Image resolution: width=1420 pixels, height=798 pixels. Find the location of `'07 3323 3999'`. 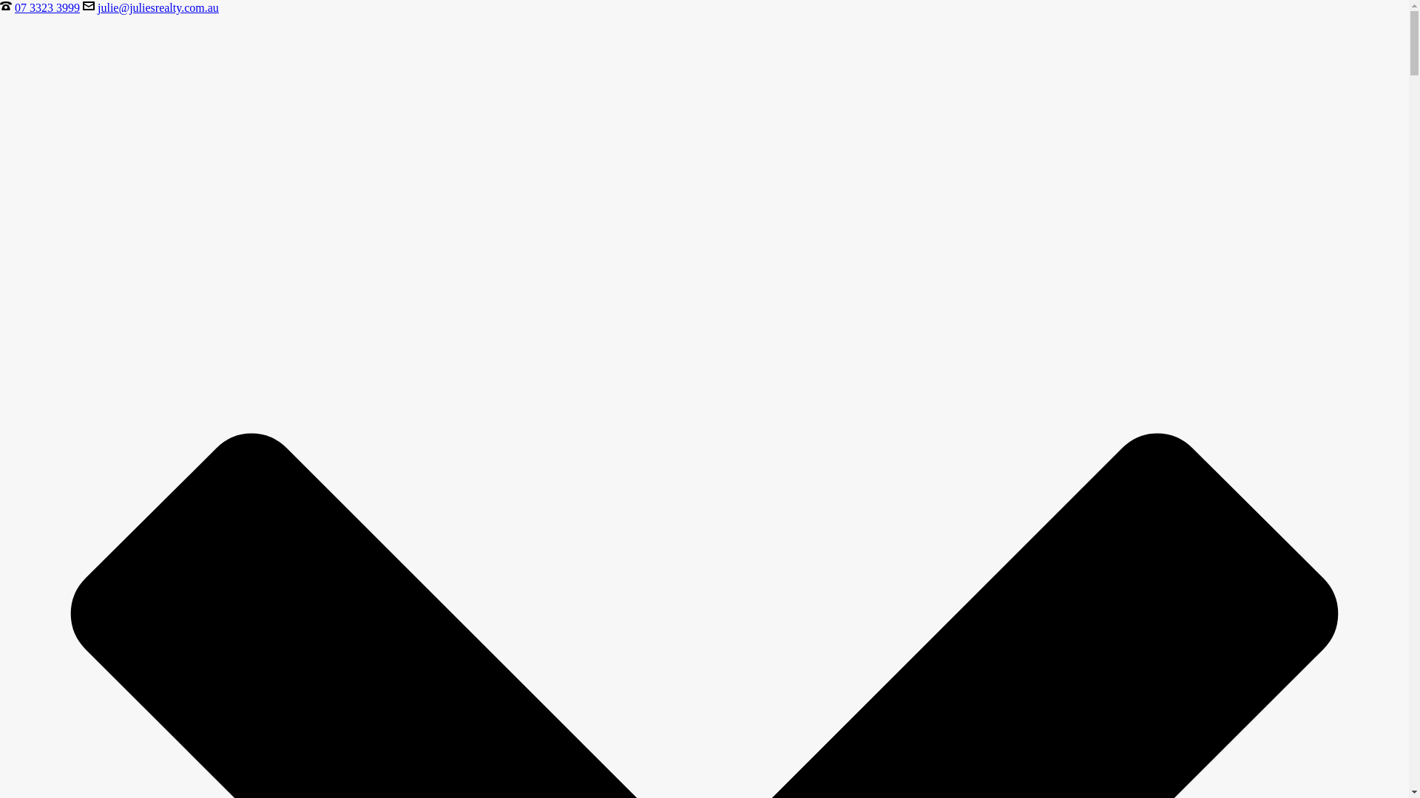

'07 3323 3999' is located at coordinates (47, 7).